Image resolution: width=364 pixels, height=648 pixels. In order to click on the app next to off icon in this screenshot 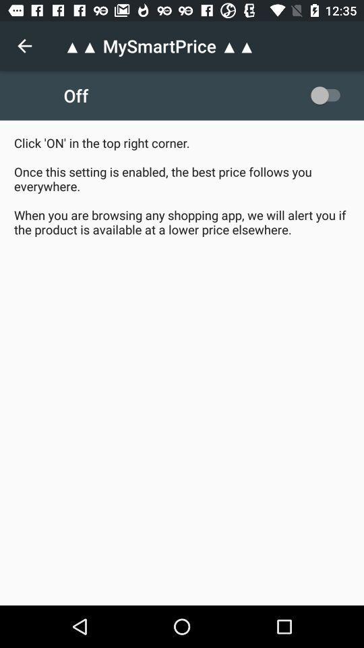, I will do `click(328, 94)`.